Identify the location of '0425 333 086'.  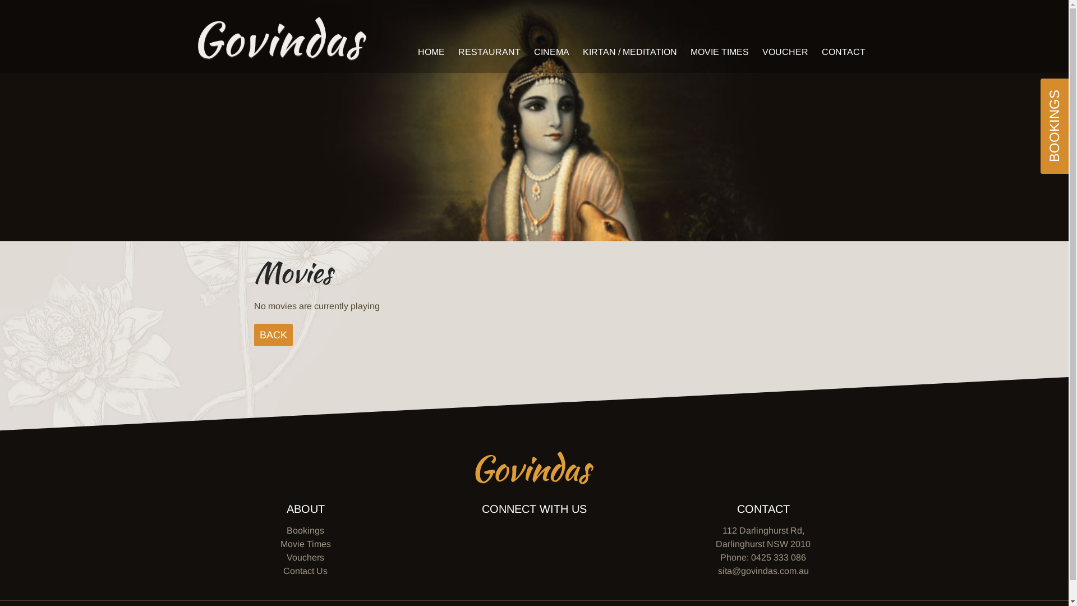
(777, 557).